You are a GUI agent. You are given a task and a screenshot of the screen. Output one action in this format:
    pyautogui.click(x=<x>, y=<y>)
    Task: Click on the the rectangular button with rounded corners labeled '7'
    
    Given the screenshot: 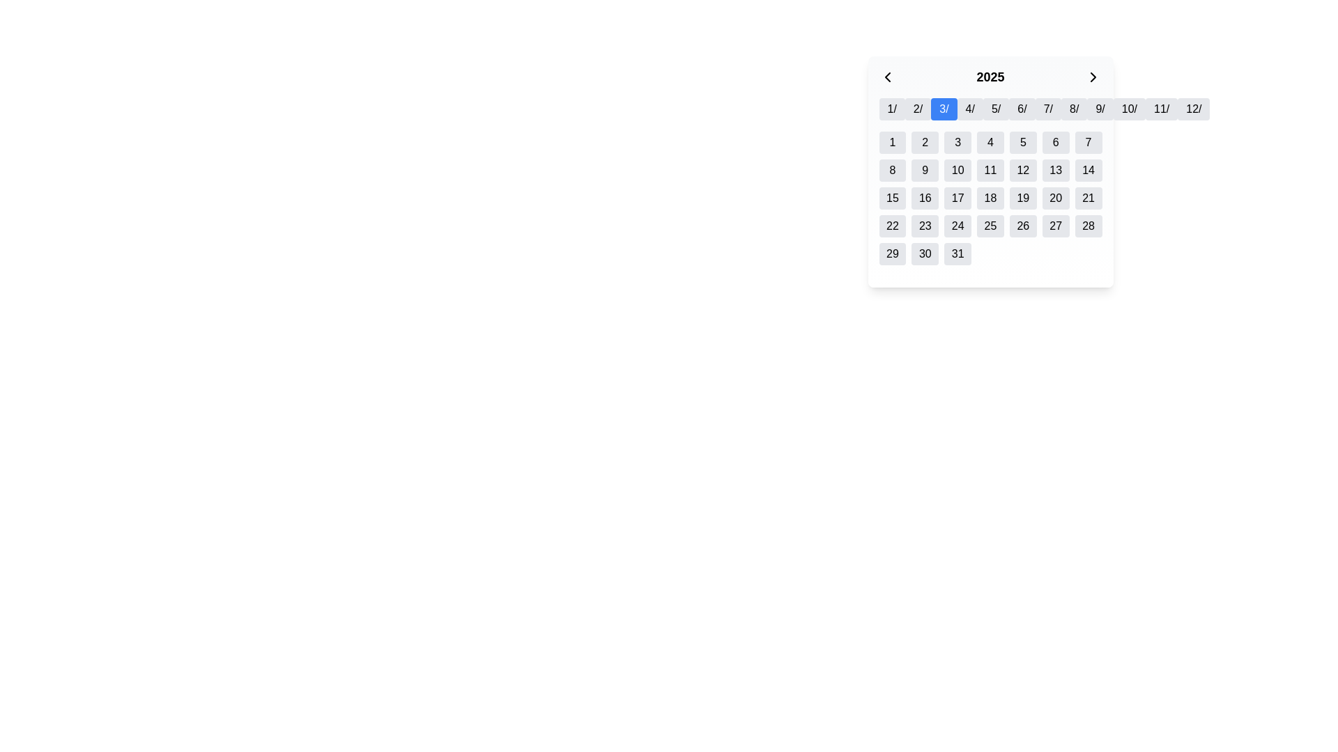 What is the action you would take?
    pyautogui.click(x=1088, y=142)
    